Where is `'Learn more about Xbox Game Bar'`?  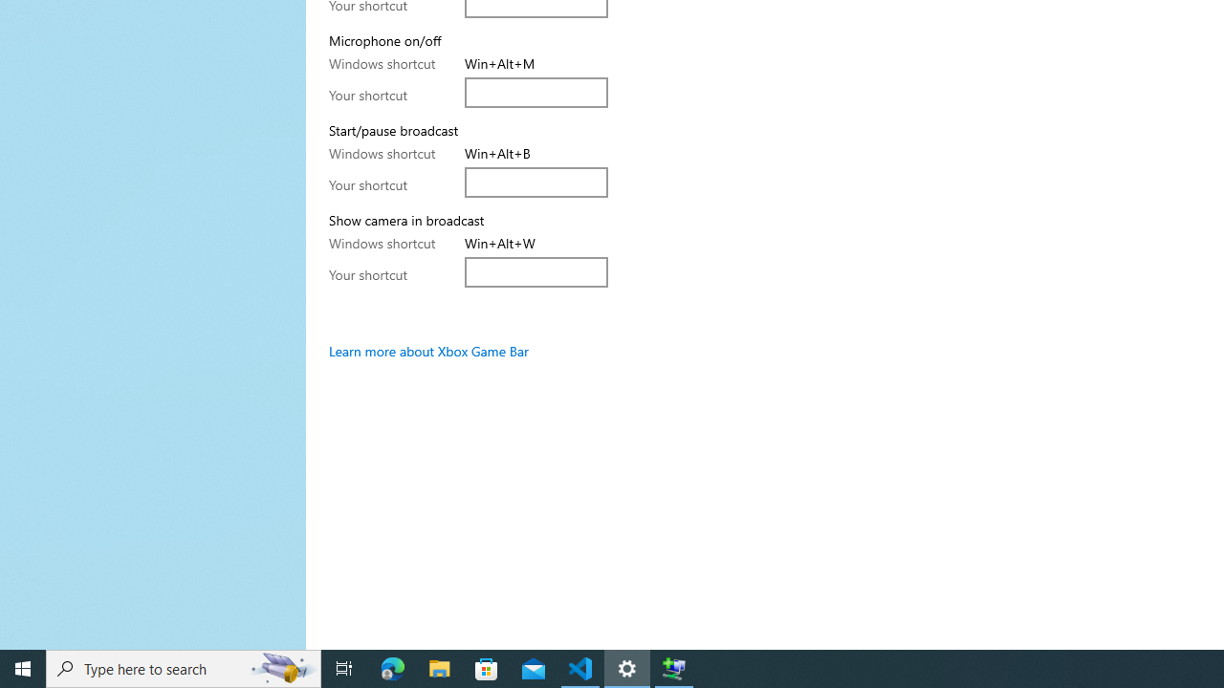
'Learn more about Xbox Game Bar' is located at coordinates (427, 351).